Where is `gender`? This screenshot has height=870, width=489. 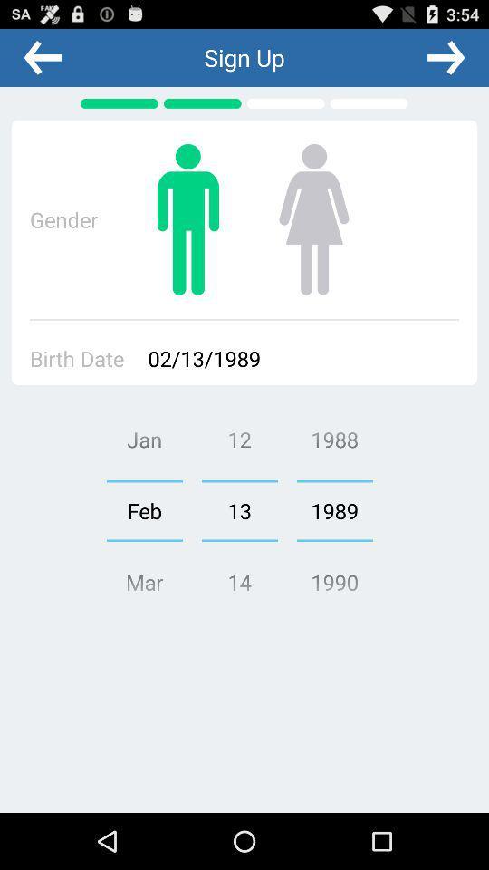
gender is located at coordinates (187, 218).